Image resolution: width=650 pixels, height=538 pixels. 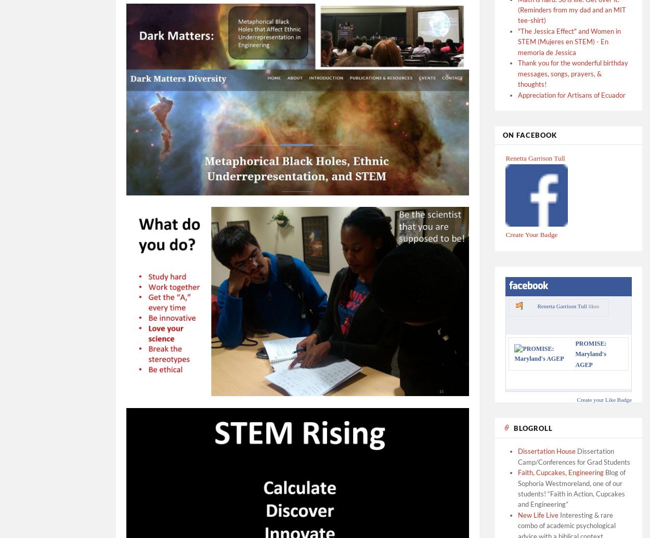 I want to click on 'Create your Like Badge', so click(x=604, y=398).